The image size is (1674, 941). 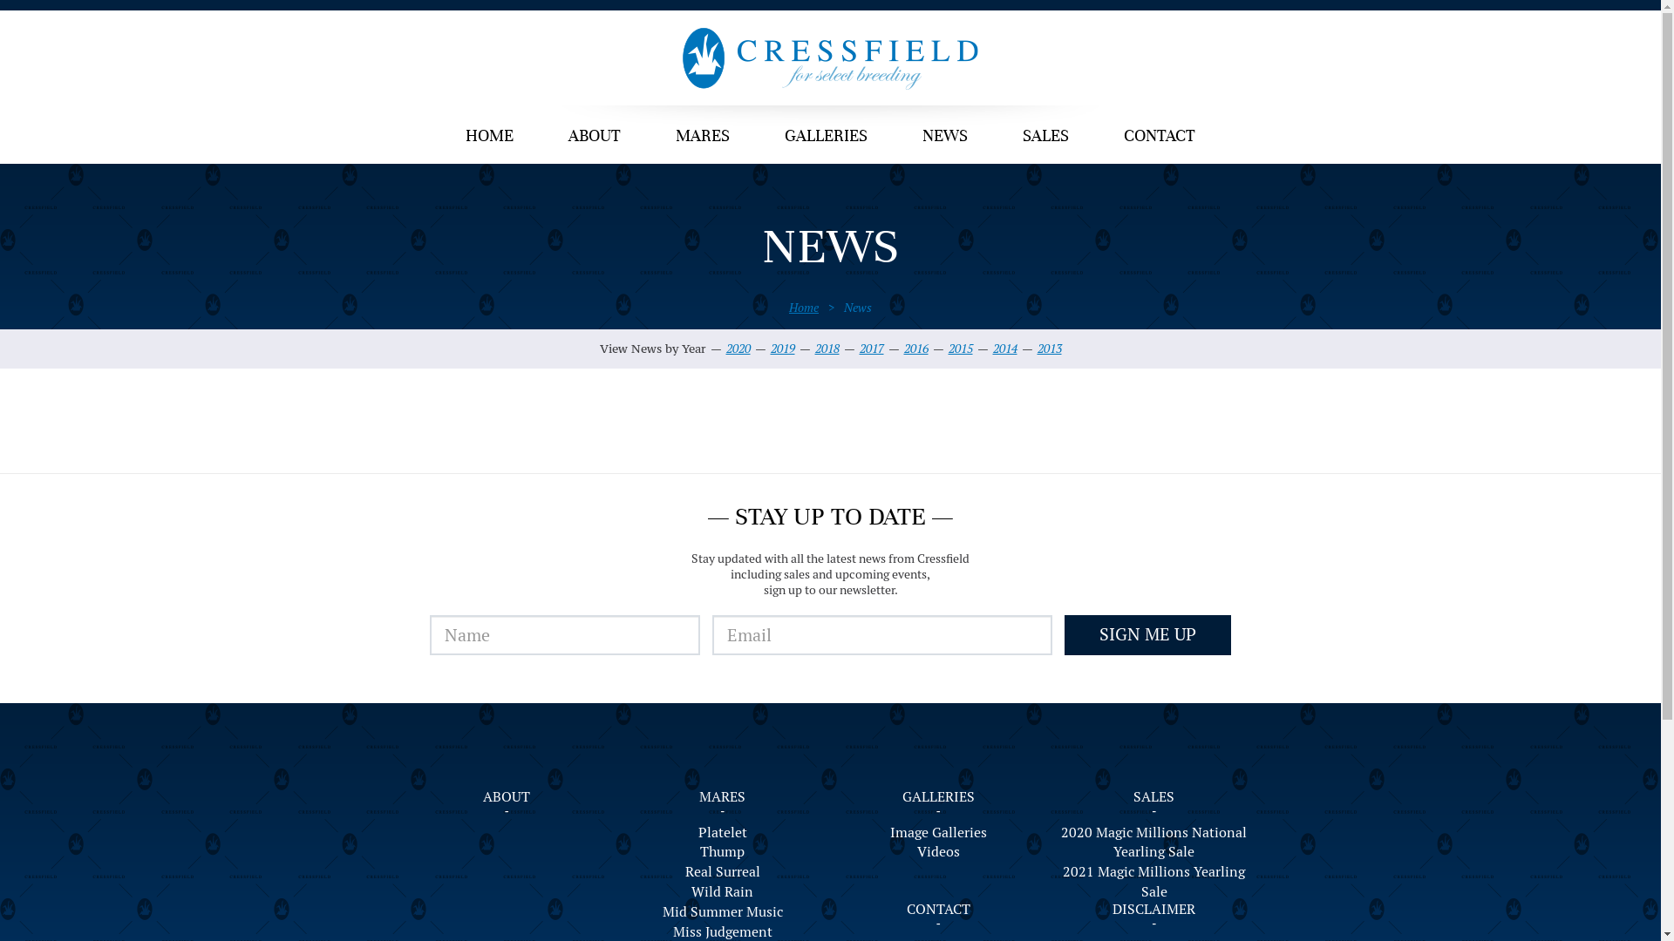 I want to click on 'SALES', so click(x=996, y=137).